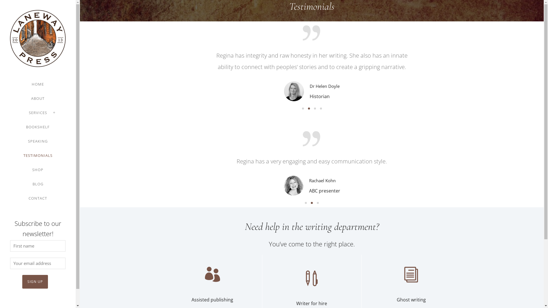  I want to click on 'Sign up', so click(35, 281).